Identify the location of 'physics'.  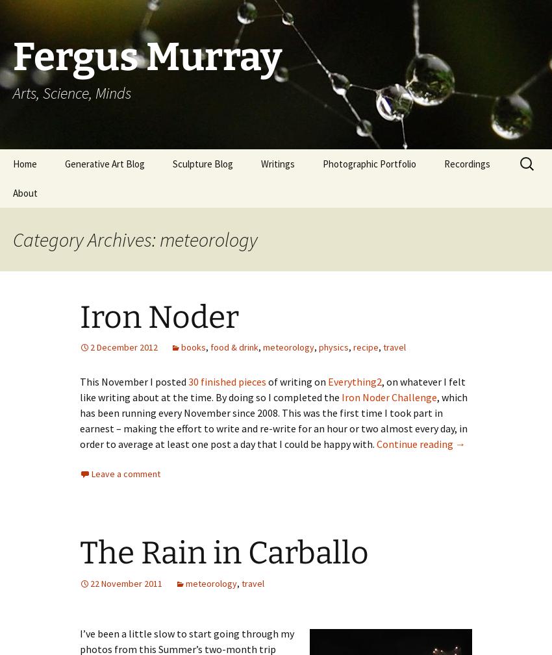
(332, 347).